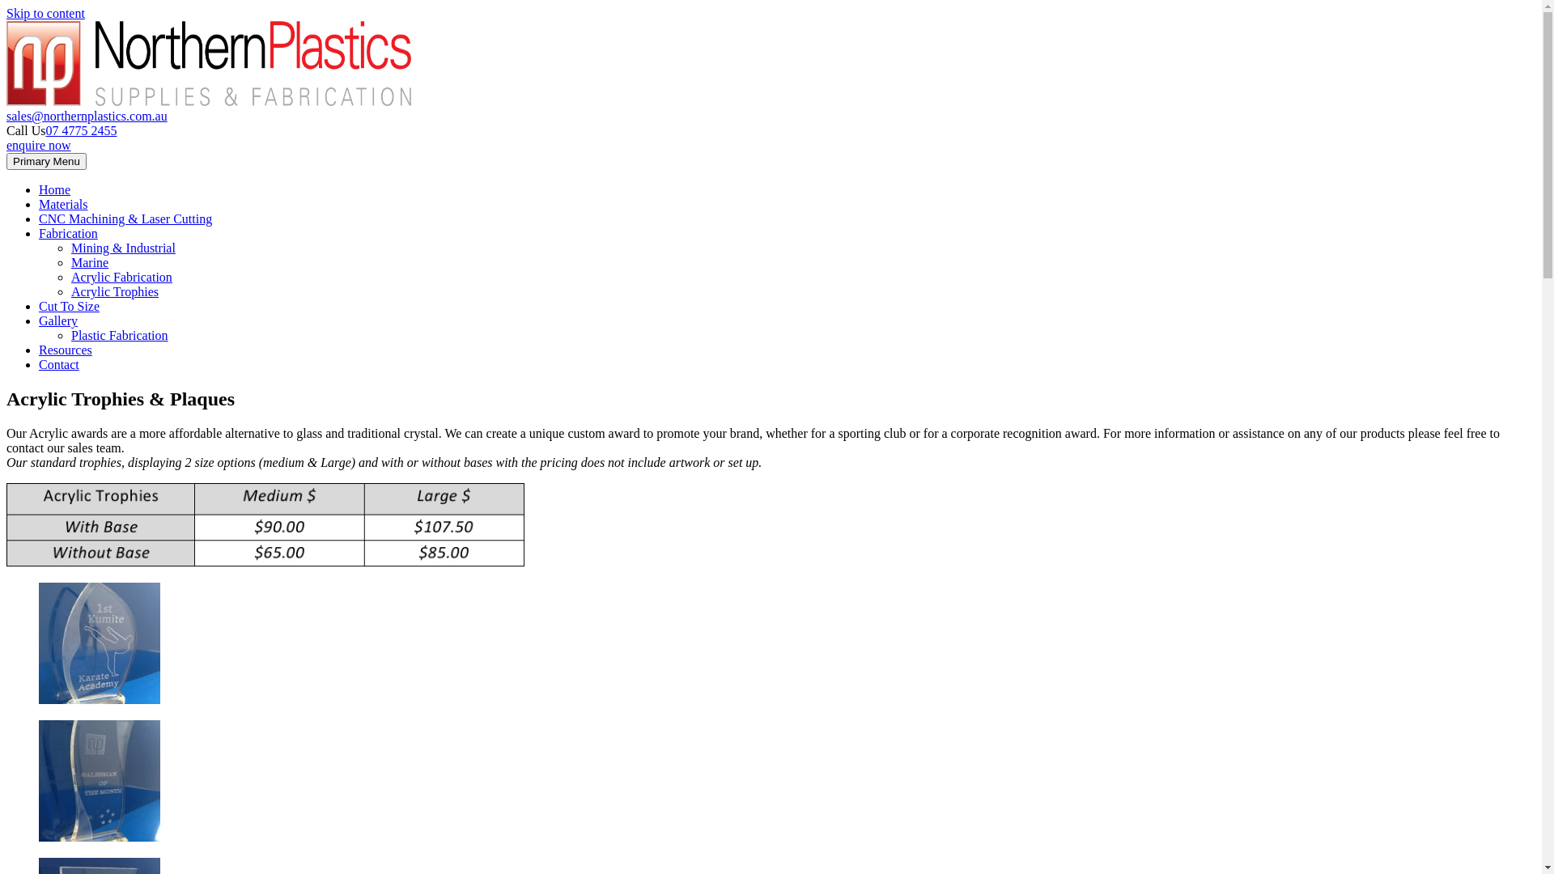  What do you see at coordinates (58, 320) in the screenshot?
I see `'Gallery'` at bounding box center [58, 320].